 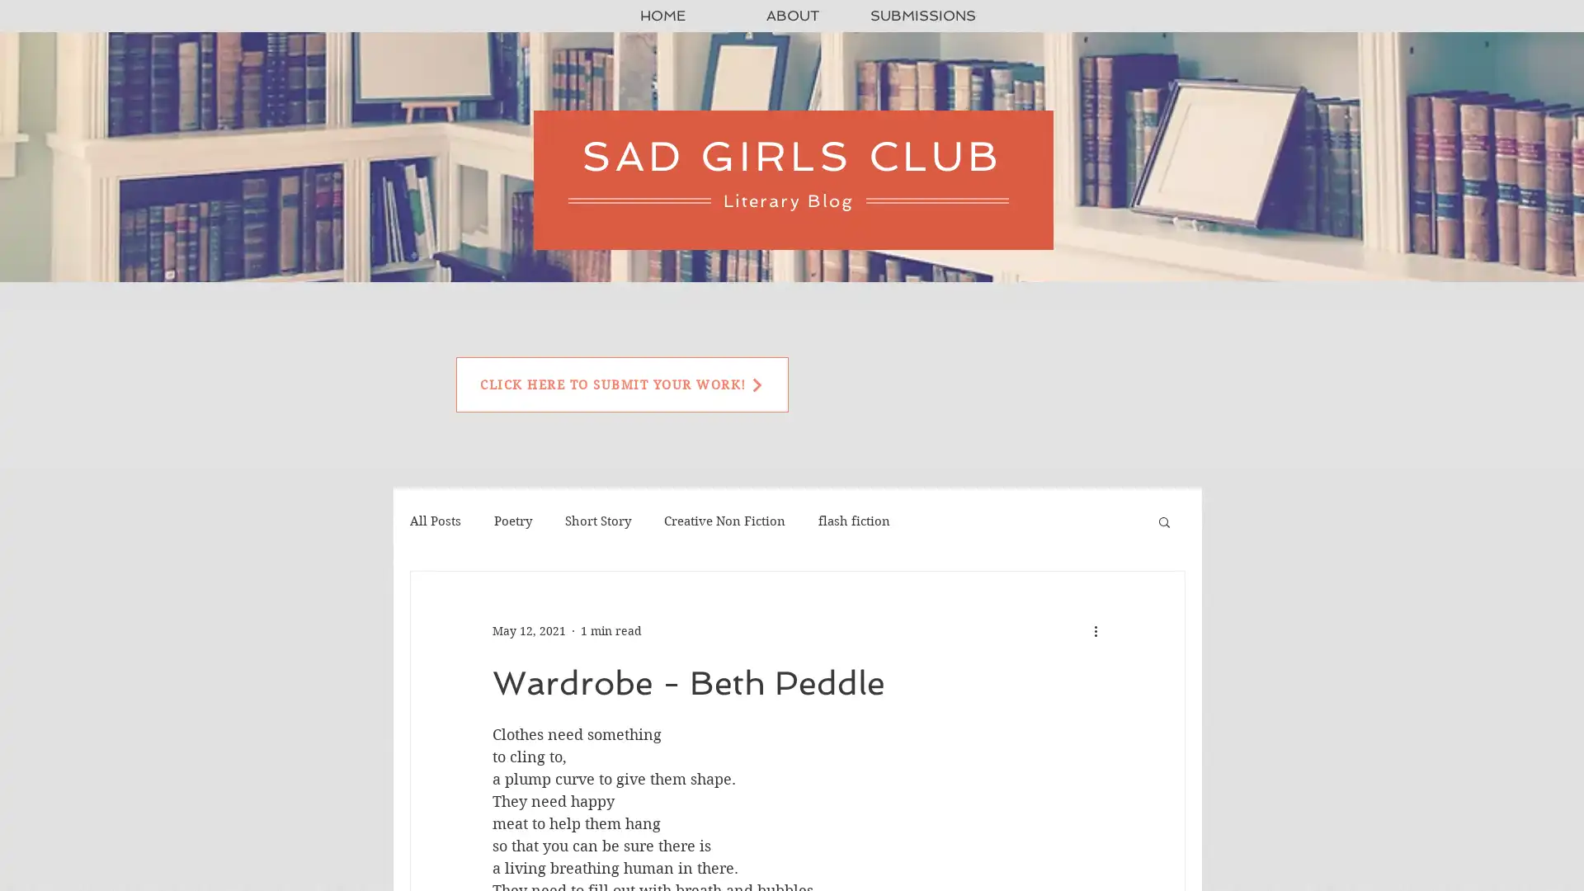 I want to click on Search, so click(x=1163, y=523).